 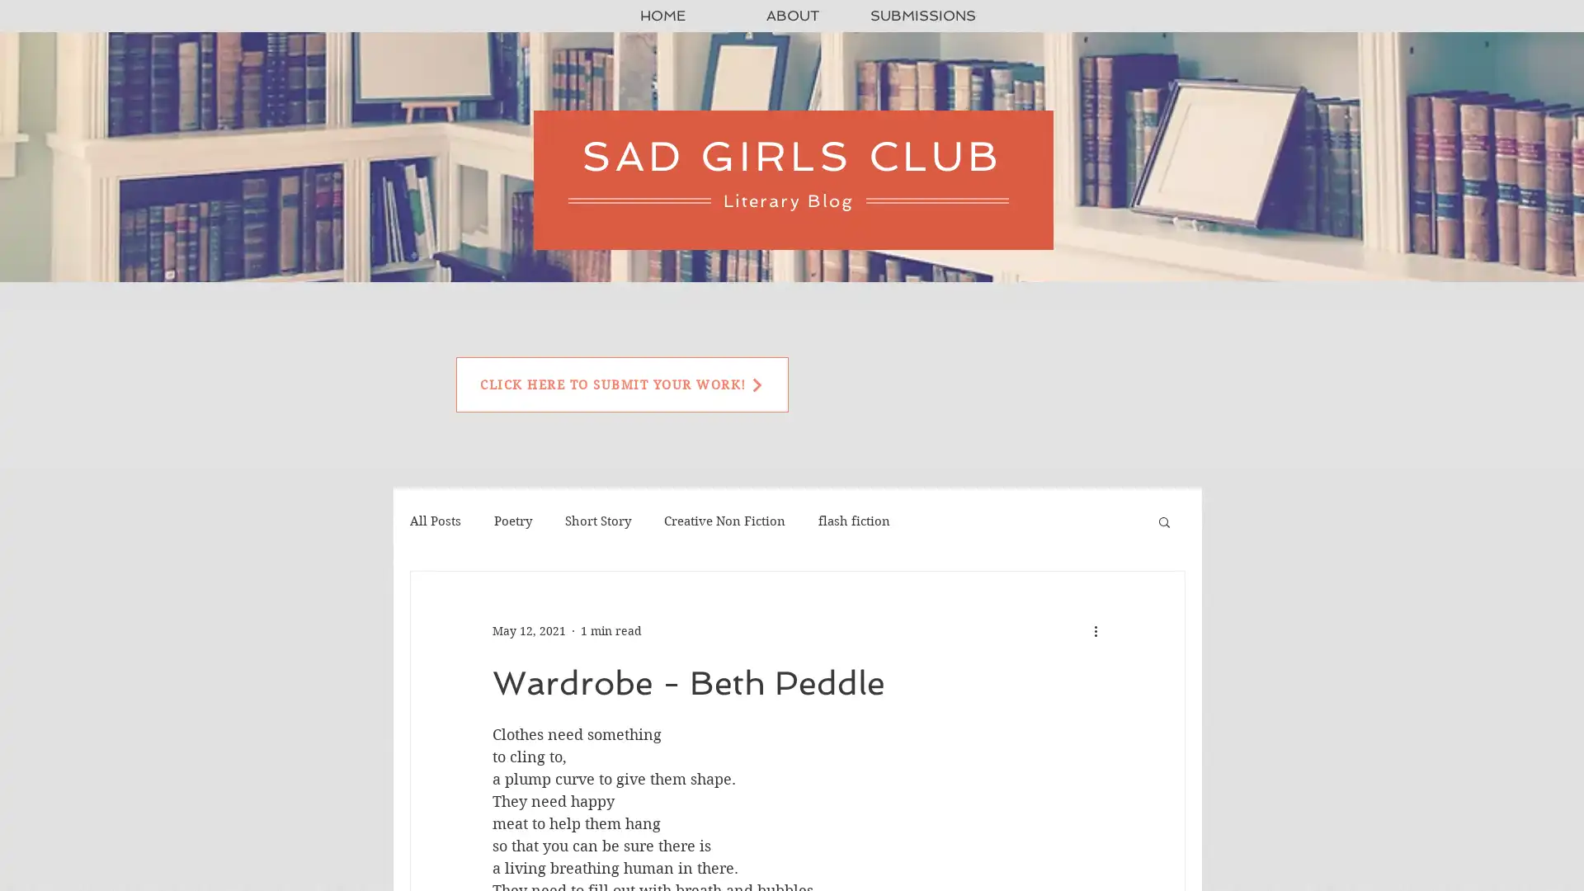 I want to click on Search, so click(x=1163, y=523).